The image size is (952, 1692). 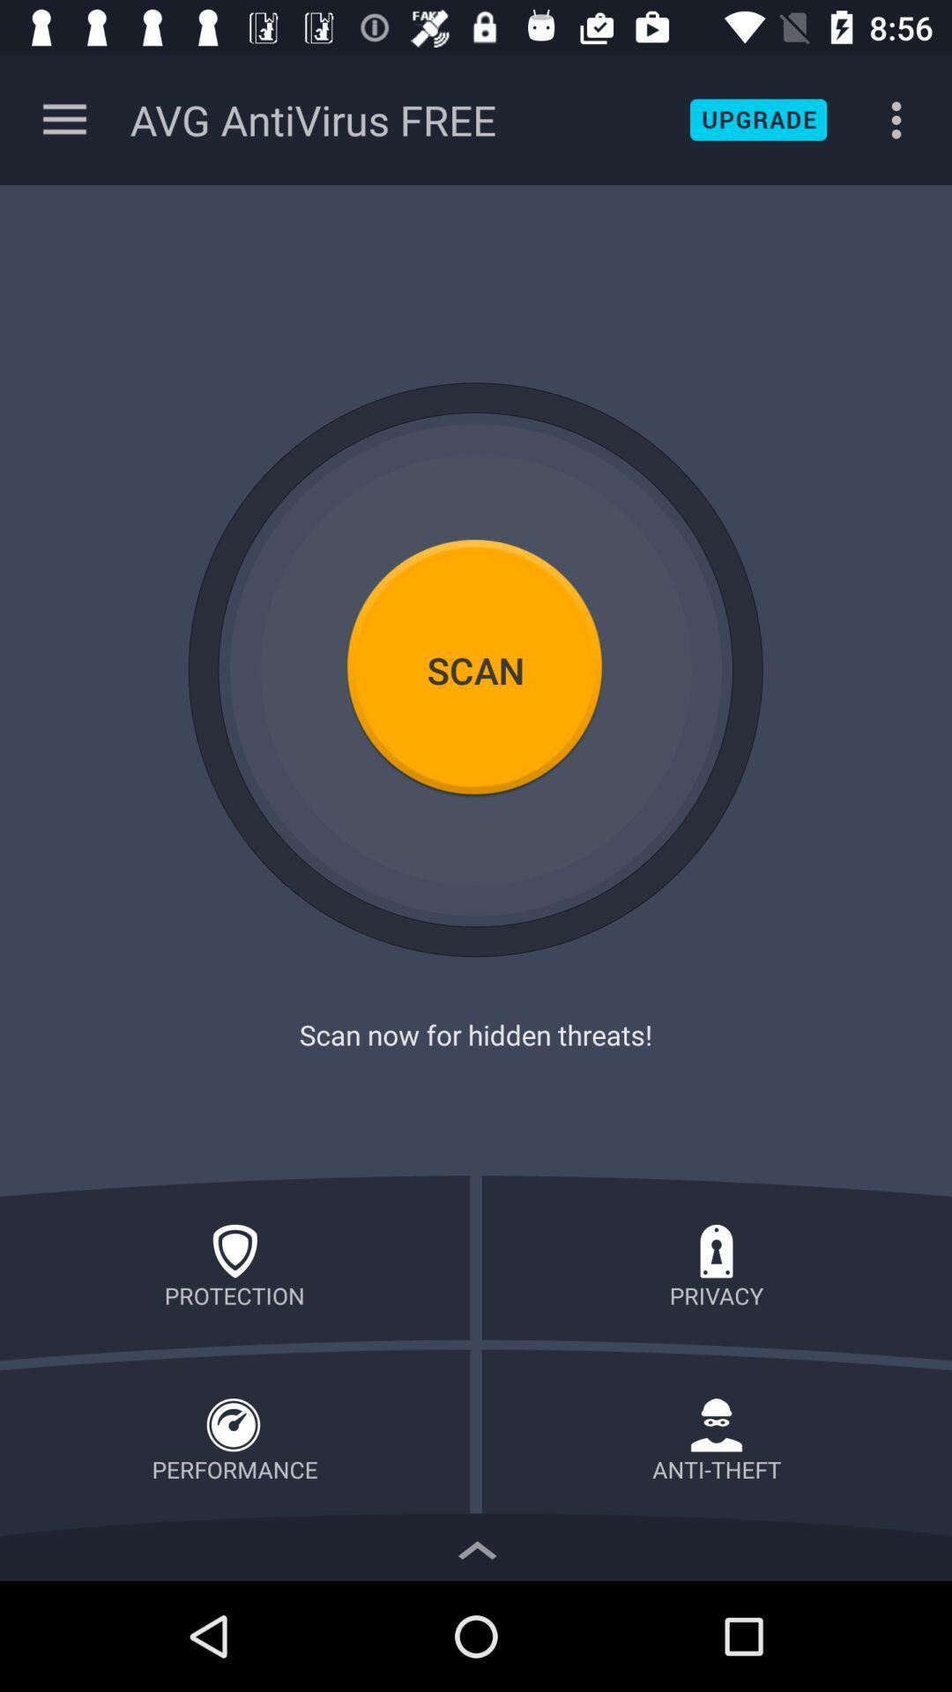 I want to click on menu option, so click(x=63, y=119).